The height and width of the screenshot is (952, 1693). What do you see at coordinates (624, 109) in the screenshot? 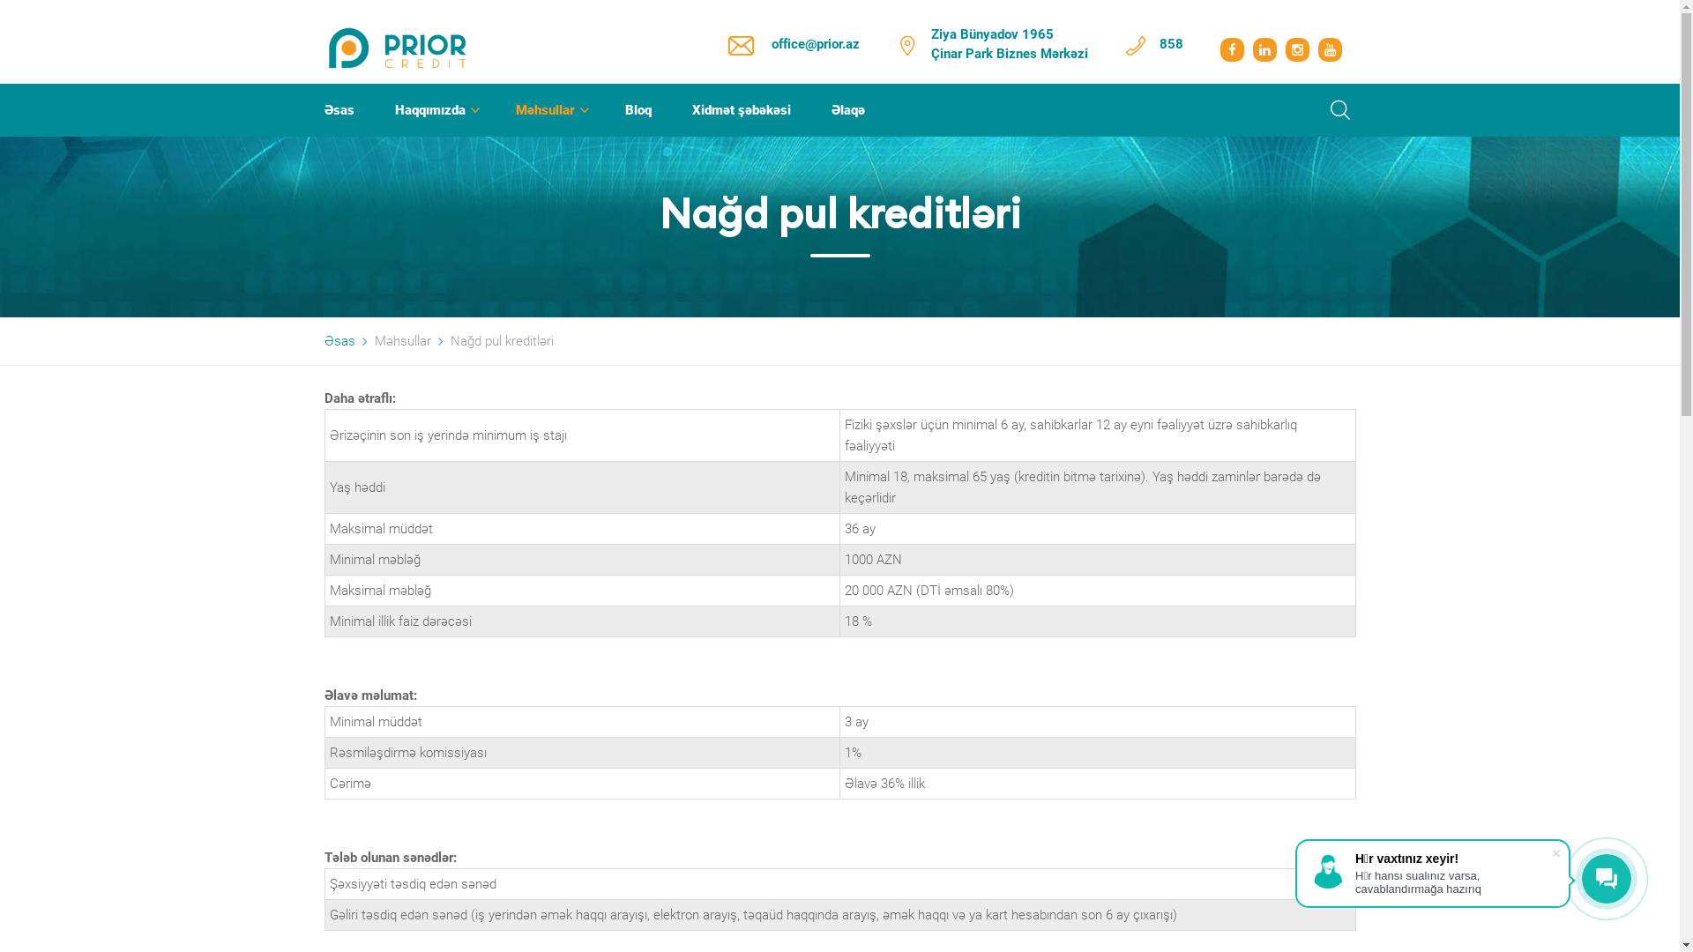
I see `'Bloq'` at bounding box center [624, 109].